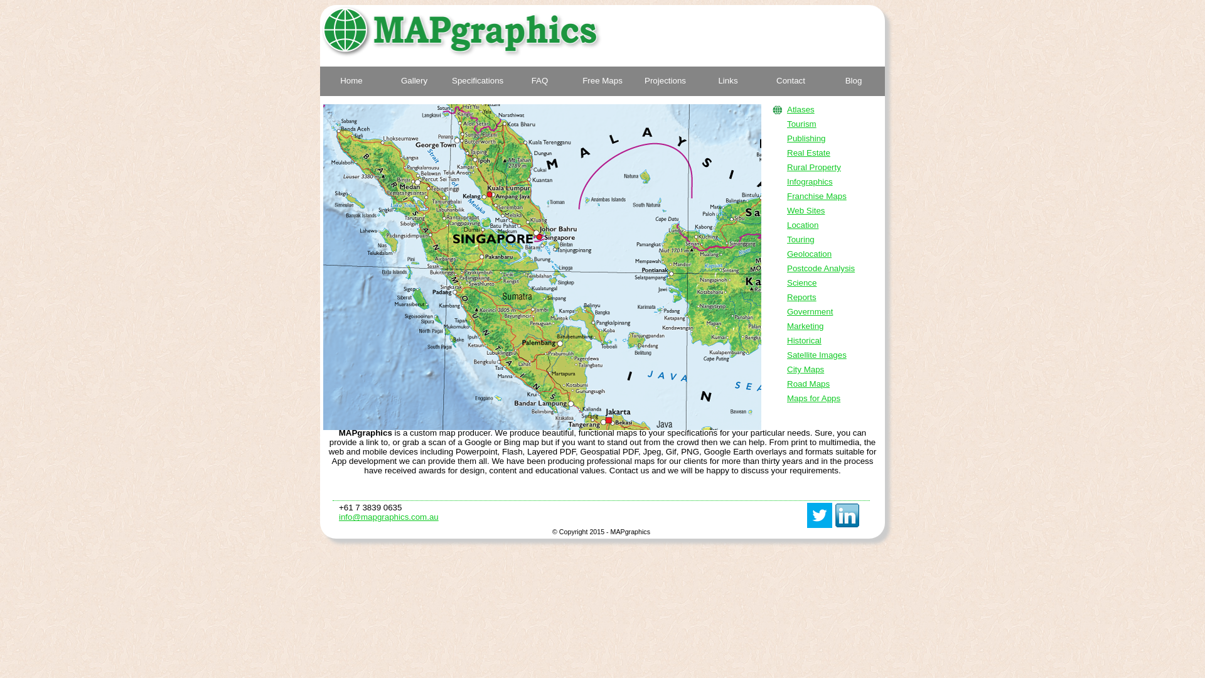 This screenshot has width=1205, height=678. Describe the element at coordinates (786, 152) in the screenshot. I see `'Real Estate'` at that location.